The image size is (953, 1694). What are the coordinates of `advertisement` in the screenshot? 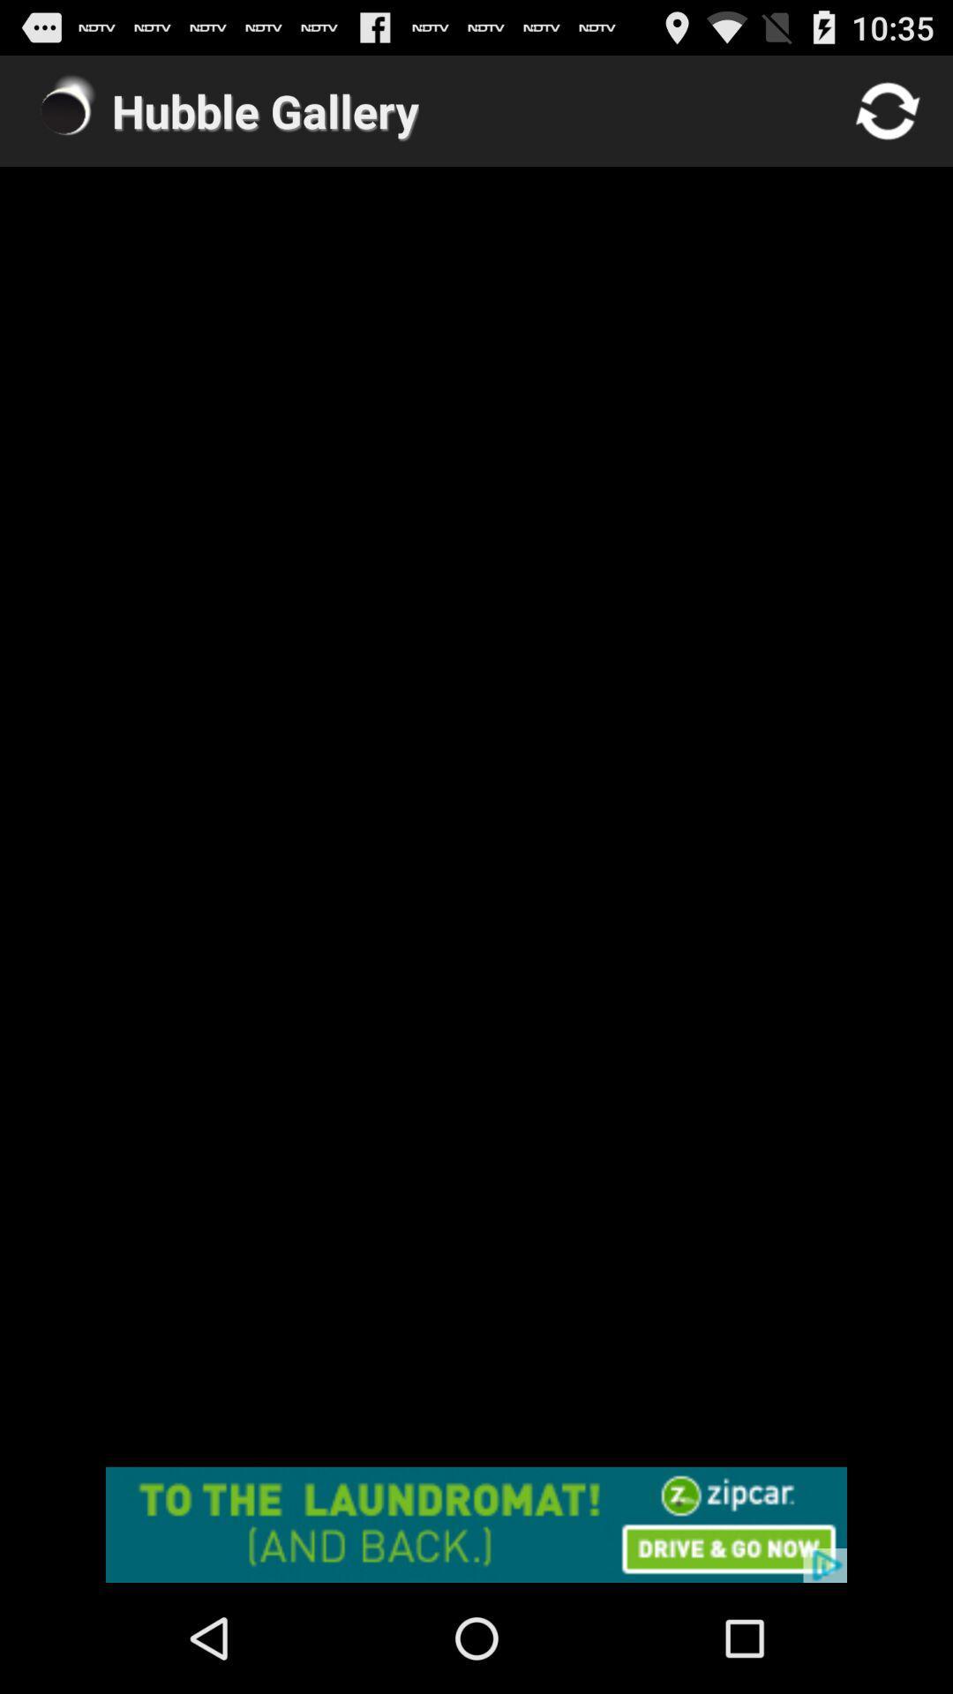 It's located at (476, 1524).